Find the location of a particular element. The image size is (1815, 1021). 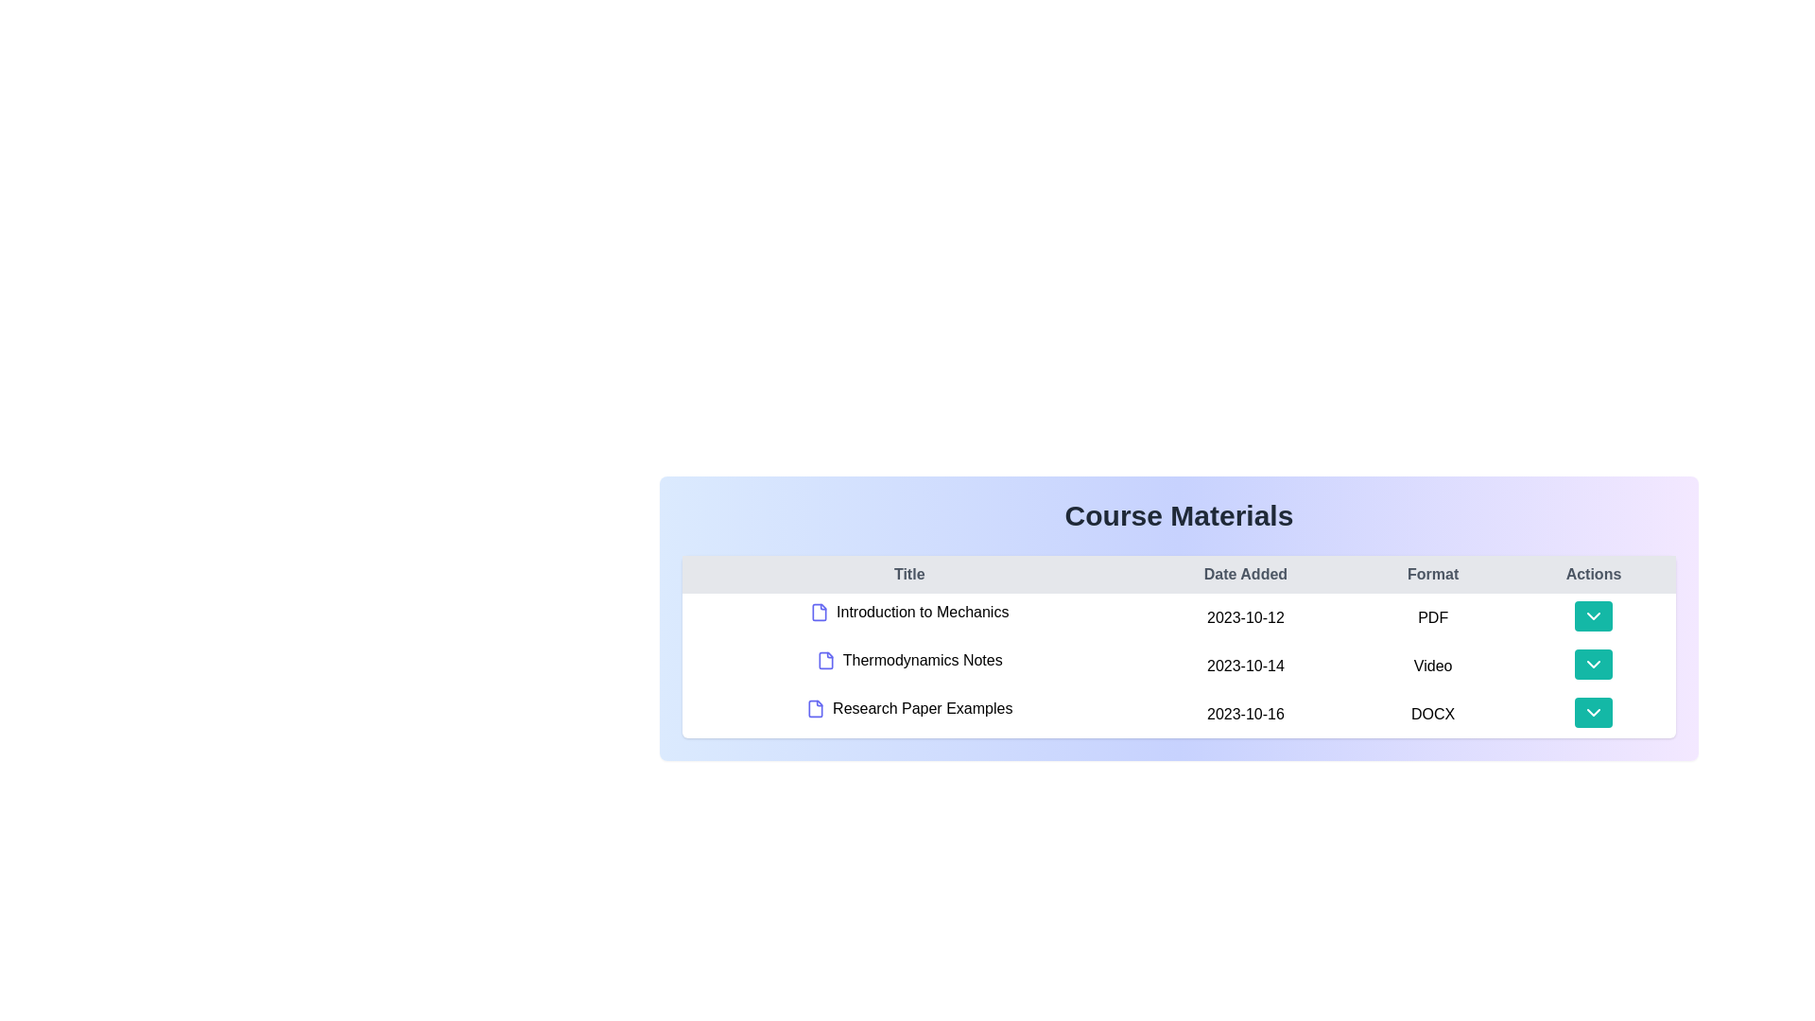

the resource icon representing 'Introduction to Mechanics' in the 'Course Materials' table, located in the first row under the 'Title' column is located at coordinates (820, 613).